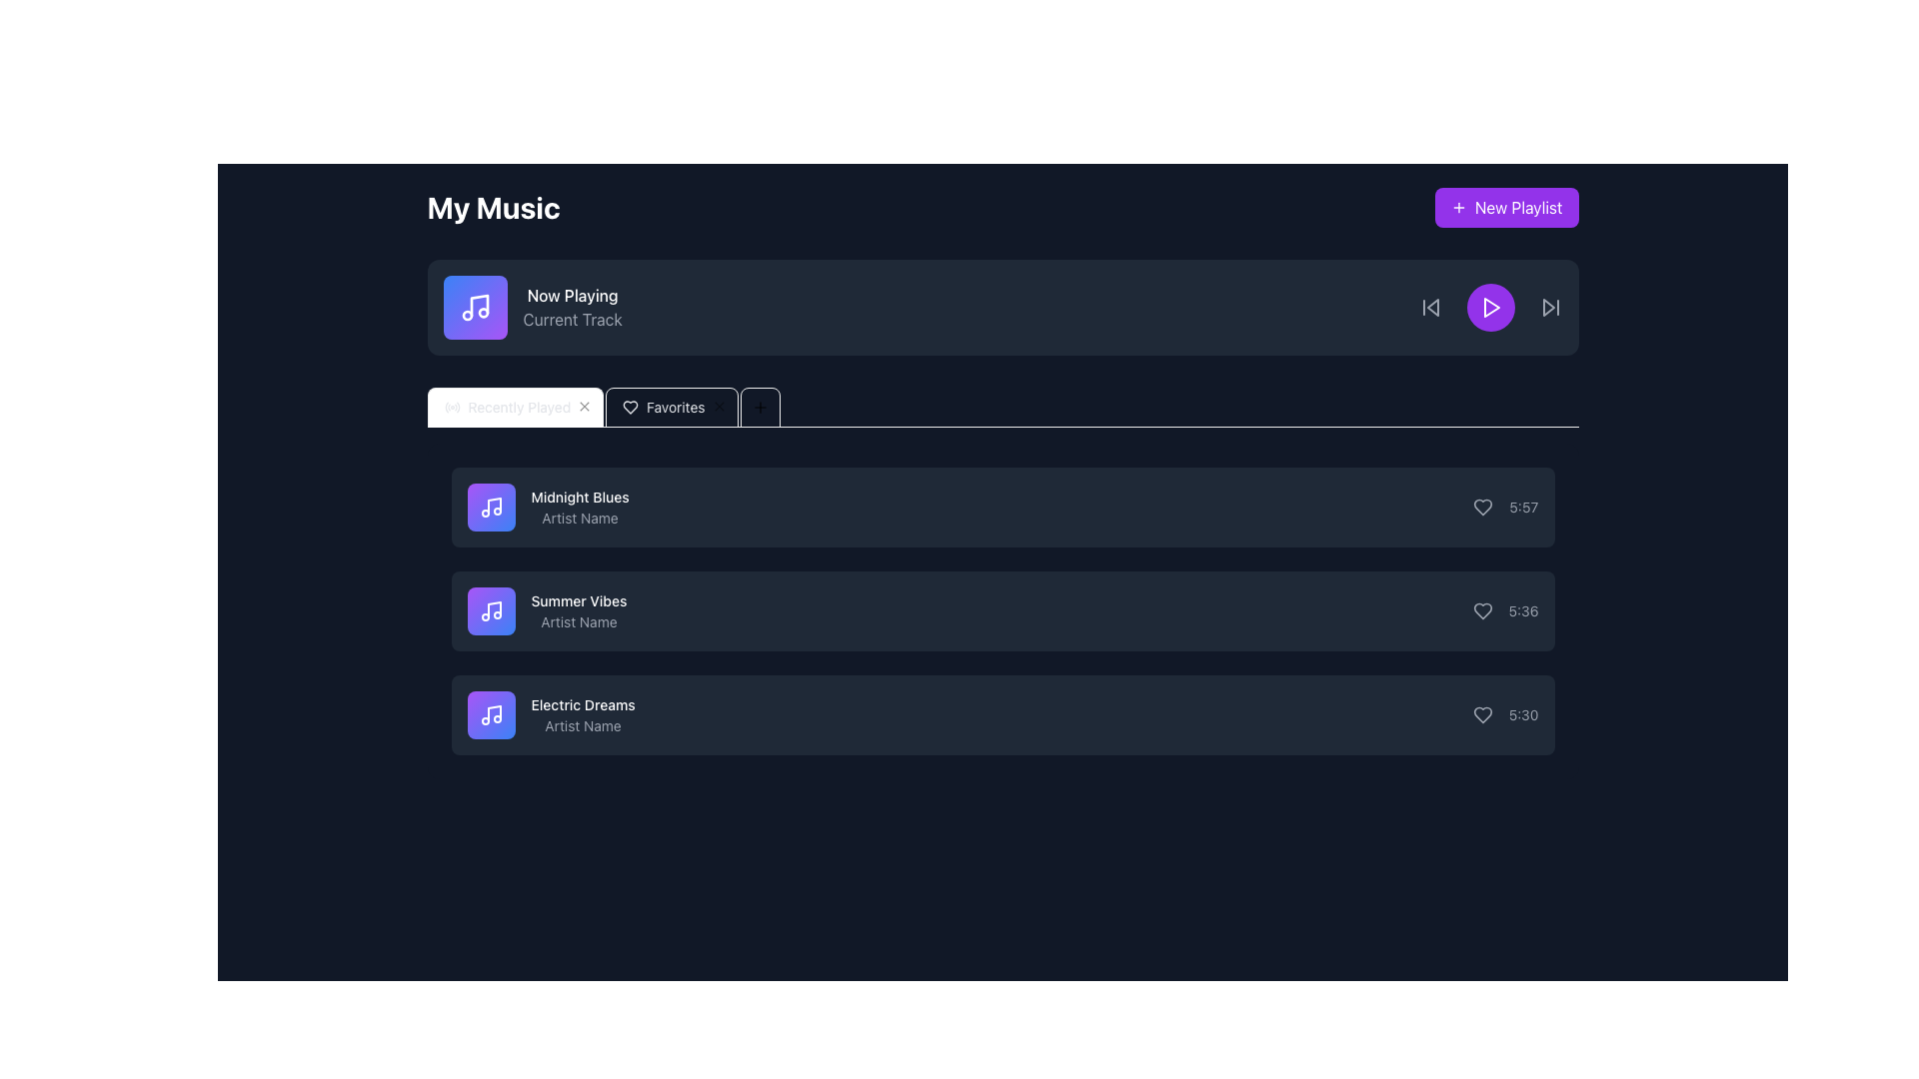  Describe the element at coordinates (1506, 208) in the screenshot. I see `the 'Create New Playlist' button located at the top-right corner of the 'My Music' interface` at that location.